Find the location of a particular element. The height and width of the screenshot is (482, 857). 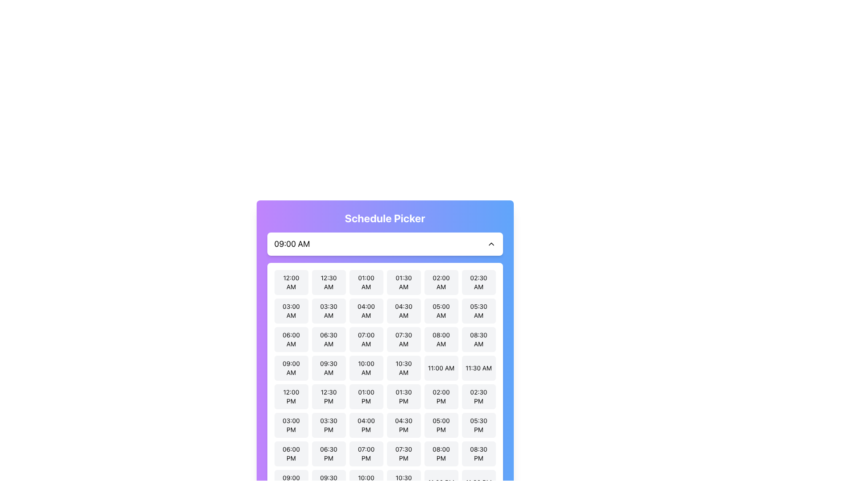

the '12:30 AM' selectable time option button located in the second column of the first row of the Schedule Picker interface is located at coordinates (328, 282).